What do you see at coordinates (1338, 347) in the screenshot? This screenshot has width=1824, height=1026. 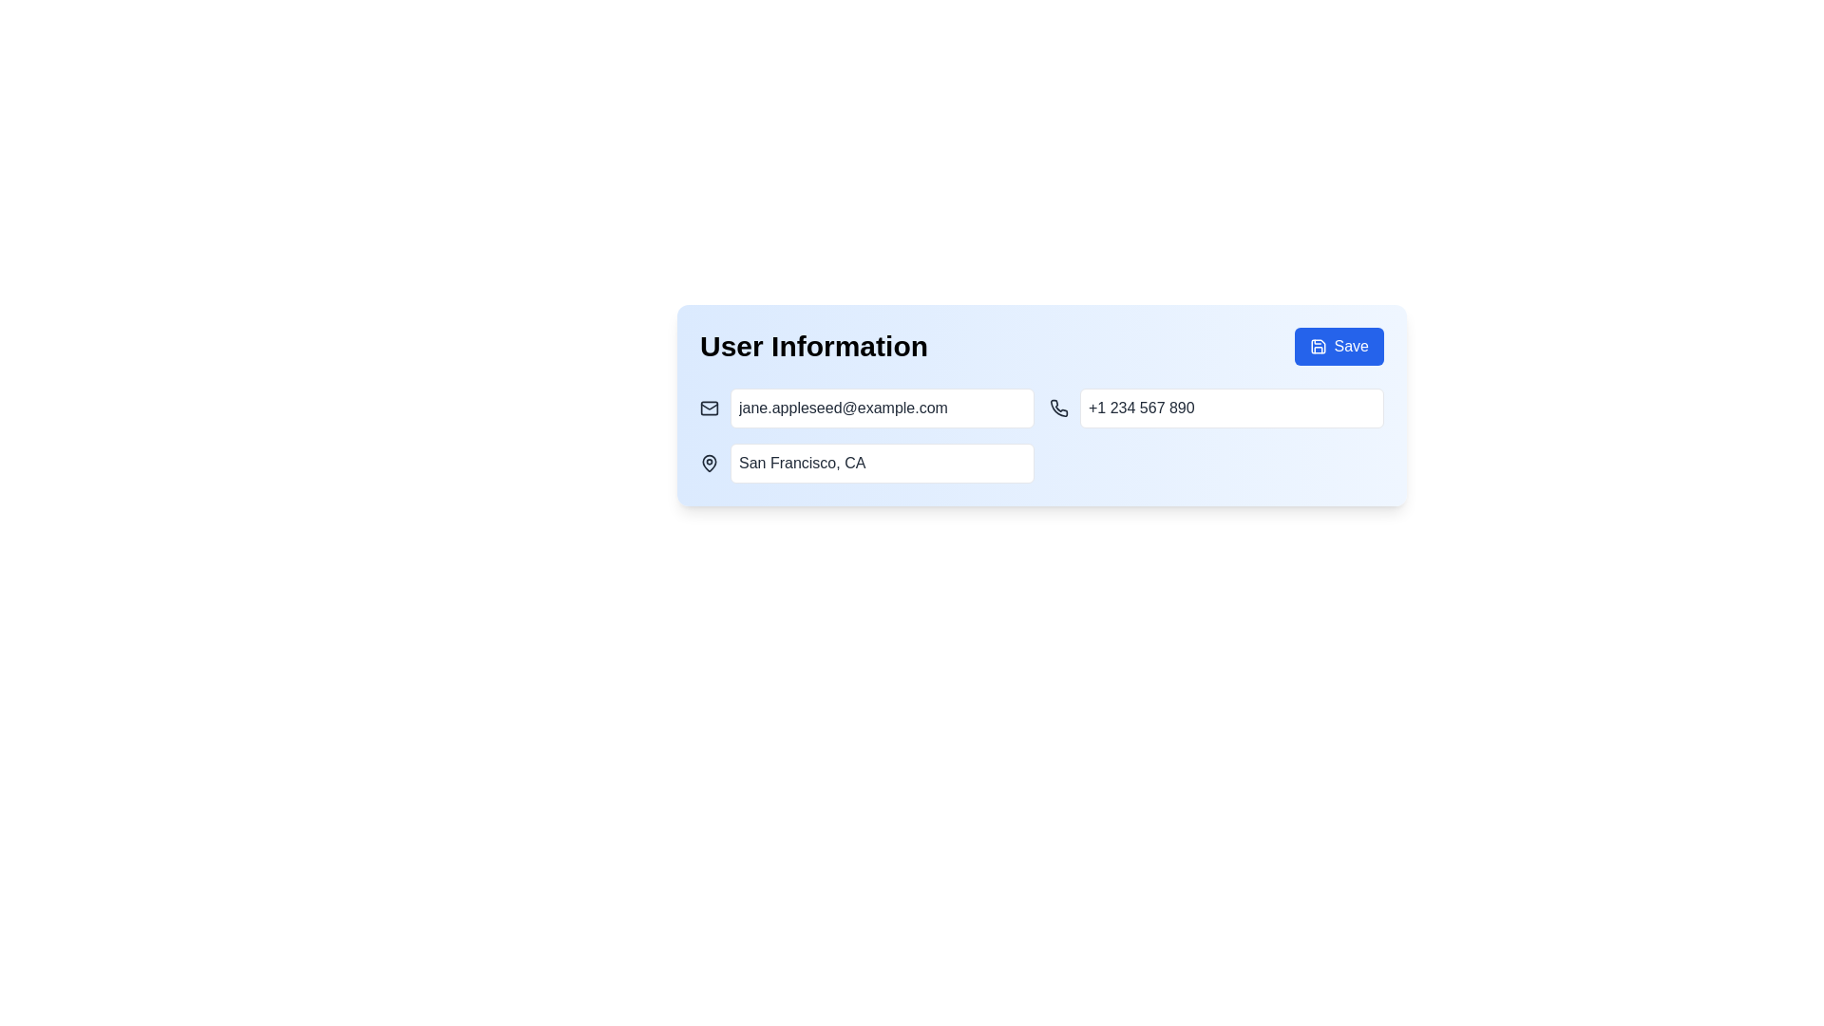 I see `the save button located in the top-right corner of the 'User Information' section` at bounding box center [1338, 347].